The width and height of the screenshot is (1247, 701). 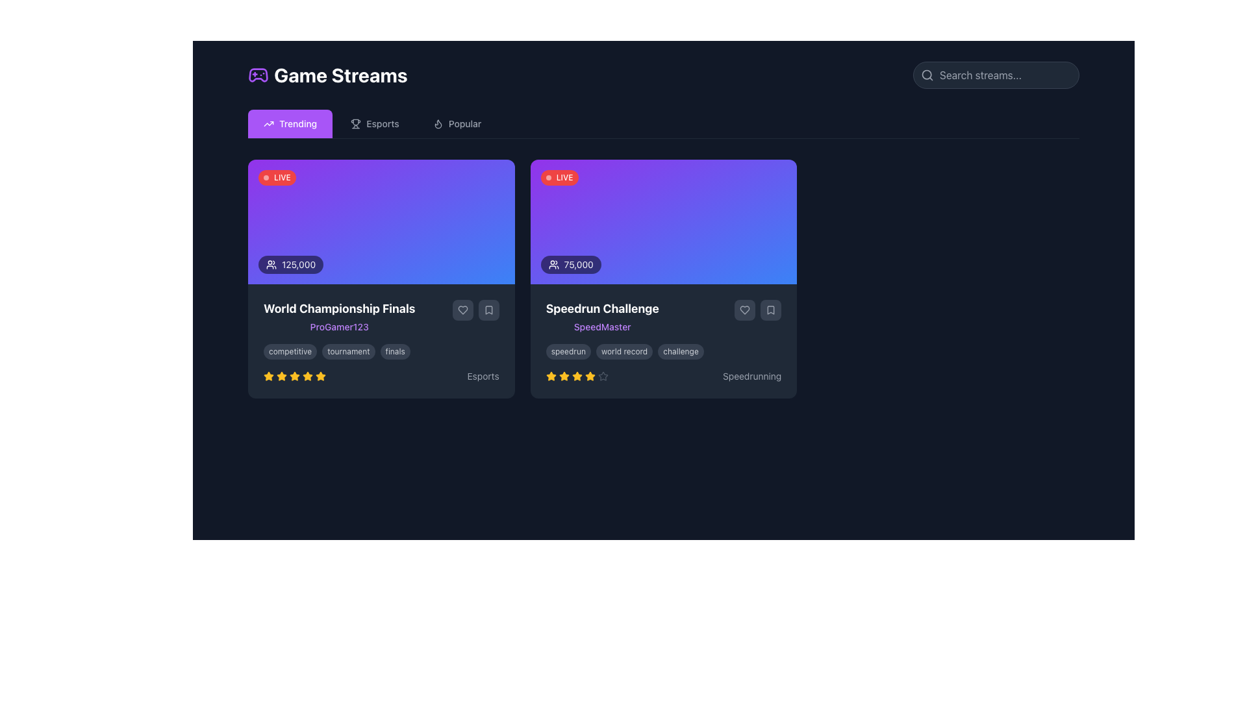 What do you see at coordinates (551, 376) in the screenshot?
I see `the first star icon filled with yellow-gold color (#fbbf24) in the rating component below the title and username of the 'Speedrun Challenge' card` at bounding box center [551, 376].